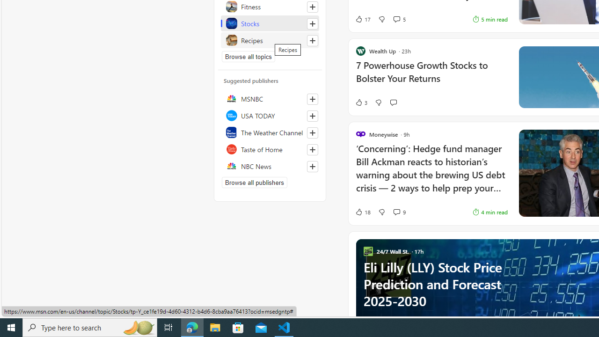  I want to click on 'Taste of Home', so click(270, 148).